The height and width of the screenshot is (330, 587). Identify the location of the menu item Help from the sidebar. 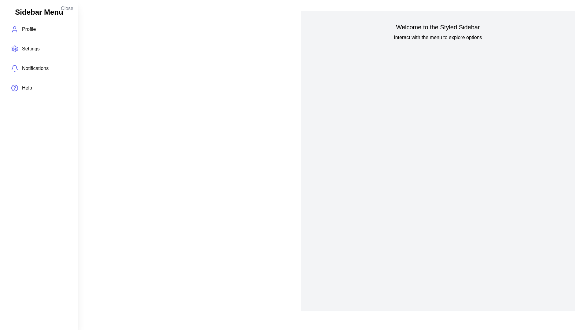
(39, 88).